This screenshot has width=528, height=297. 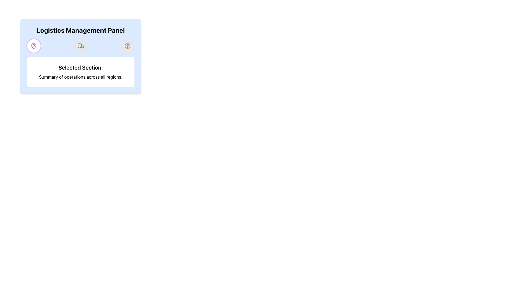 What do you see at coordinates (34, 45) in the screenshot?
I see `the circular button with a white background and purple location marker icon, located in the 'Logistics Management Panel'` at bounding box center [34, 45].